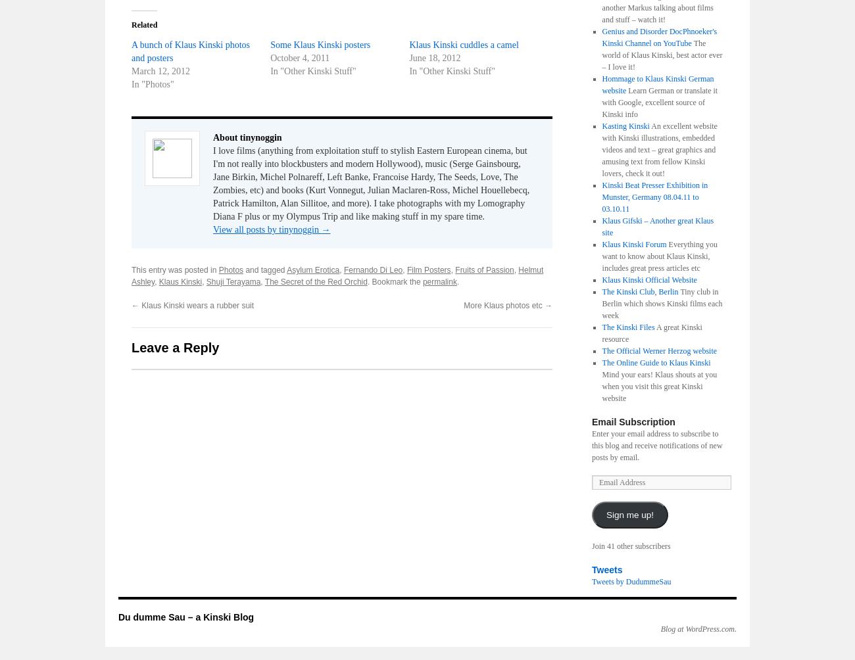  I want to click on 'Tweets by DudummeSau', so click(631, 581).